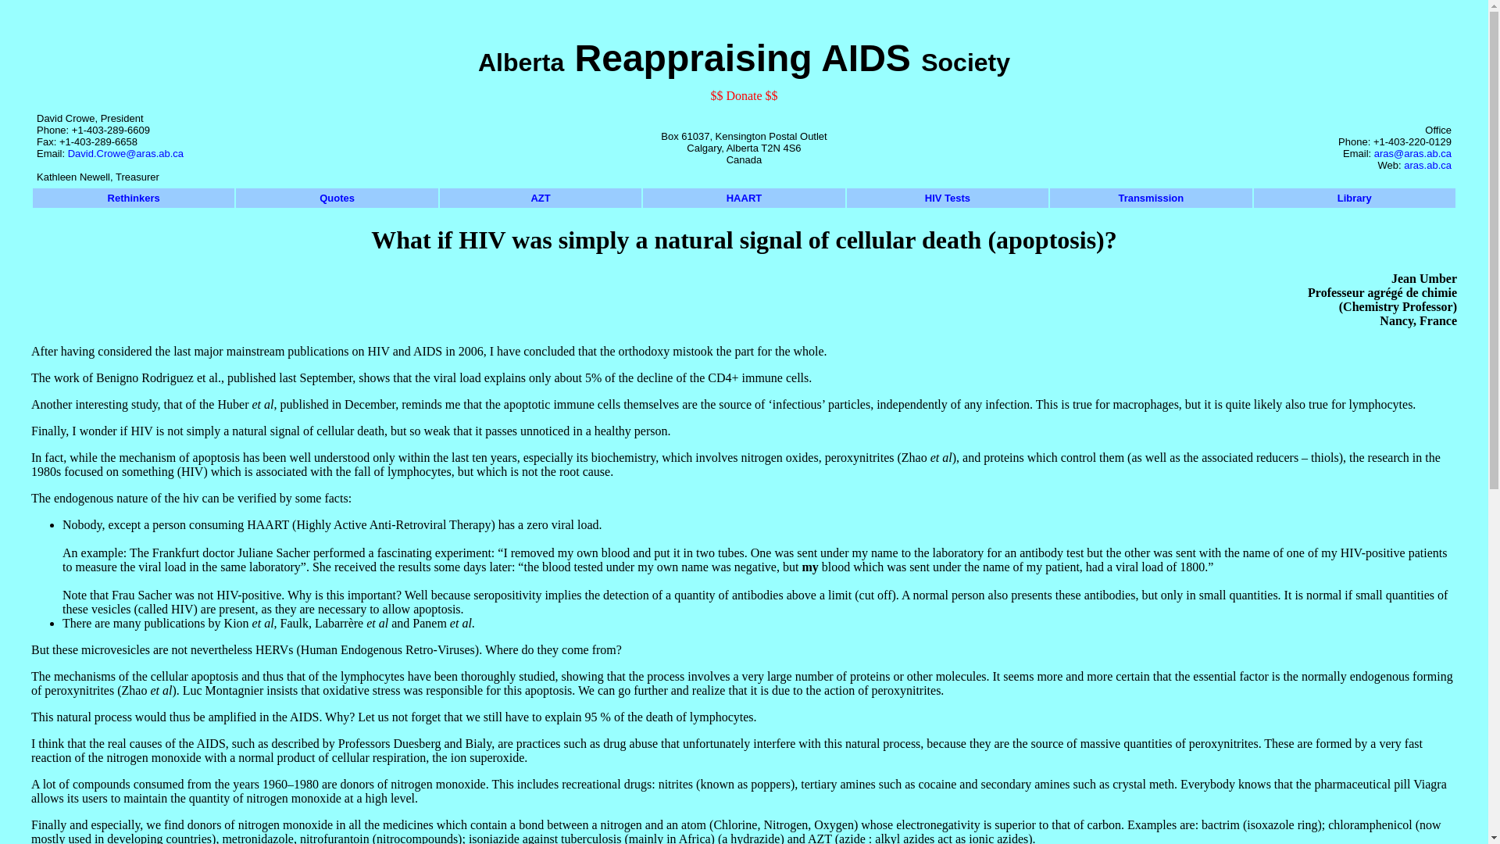 Image resolution: width=1500 pixels, height=844 pixels. I want to click on 'Quotes', so click(336, 197).